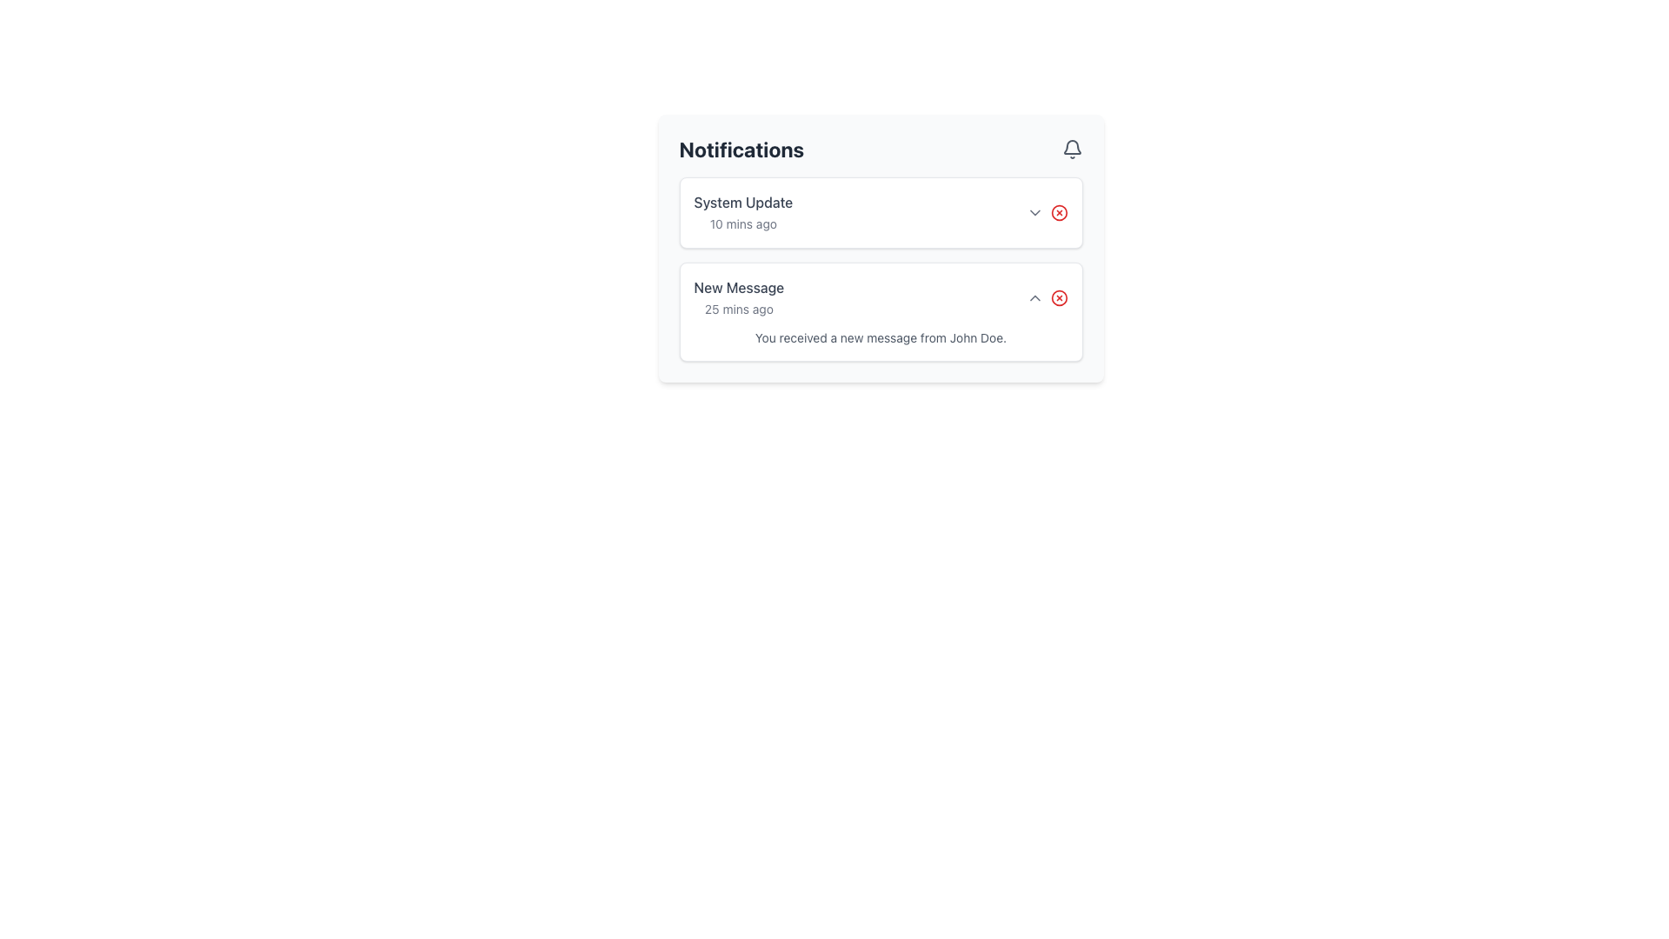  What do you see at coordinates (743, 223) in the screenshot?
I see `the small textual component displaying '10 mins ago', which is styled in gray and located below the 'System Update' title in the Notifications module` at bounding box center [743, 223].